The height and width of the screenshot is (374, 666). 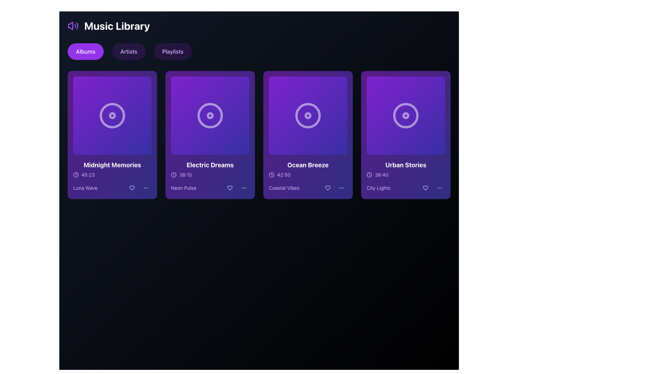 What do you see at coordinates (308, 115) in the screenshot?
I see `the circular compact disc icon located in the center of the 'Ocean Breeze' album card, which is the third card in a row of four cards` at bounding box center [308, 115].